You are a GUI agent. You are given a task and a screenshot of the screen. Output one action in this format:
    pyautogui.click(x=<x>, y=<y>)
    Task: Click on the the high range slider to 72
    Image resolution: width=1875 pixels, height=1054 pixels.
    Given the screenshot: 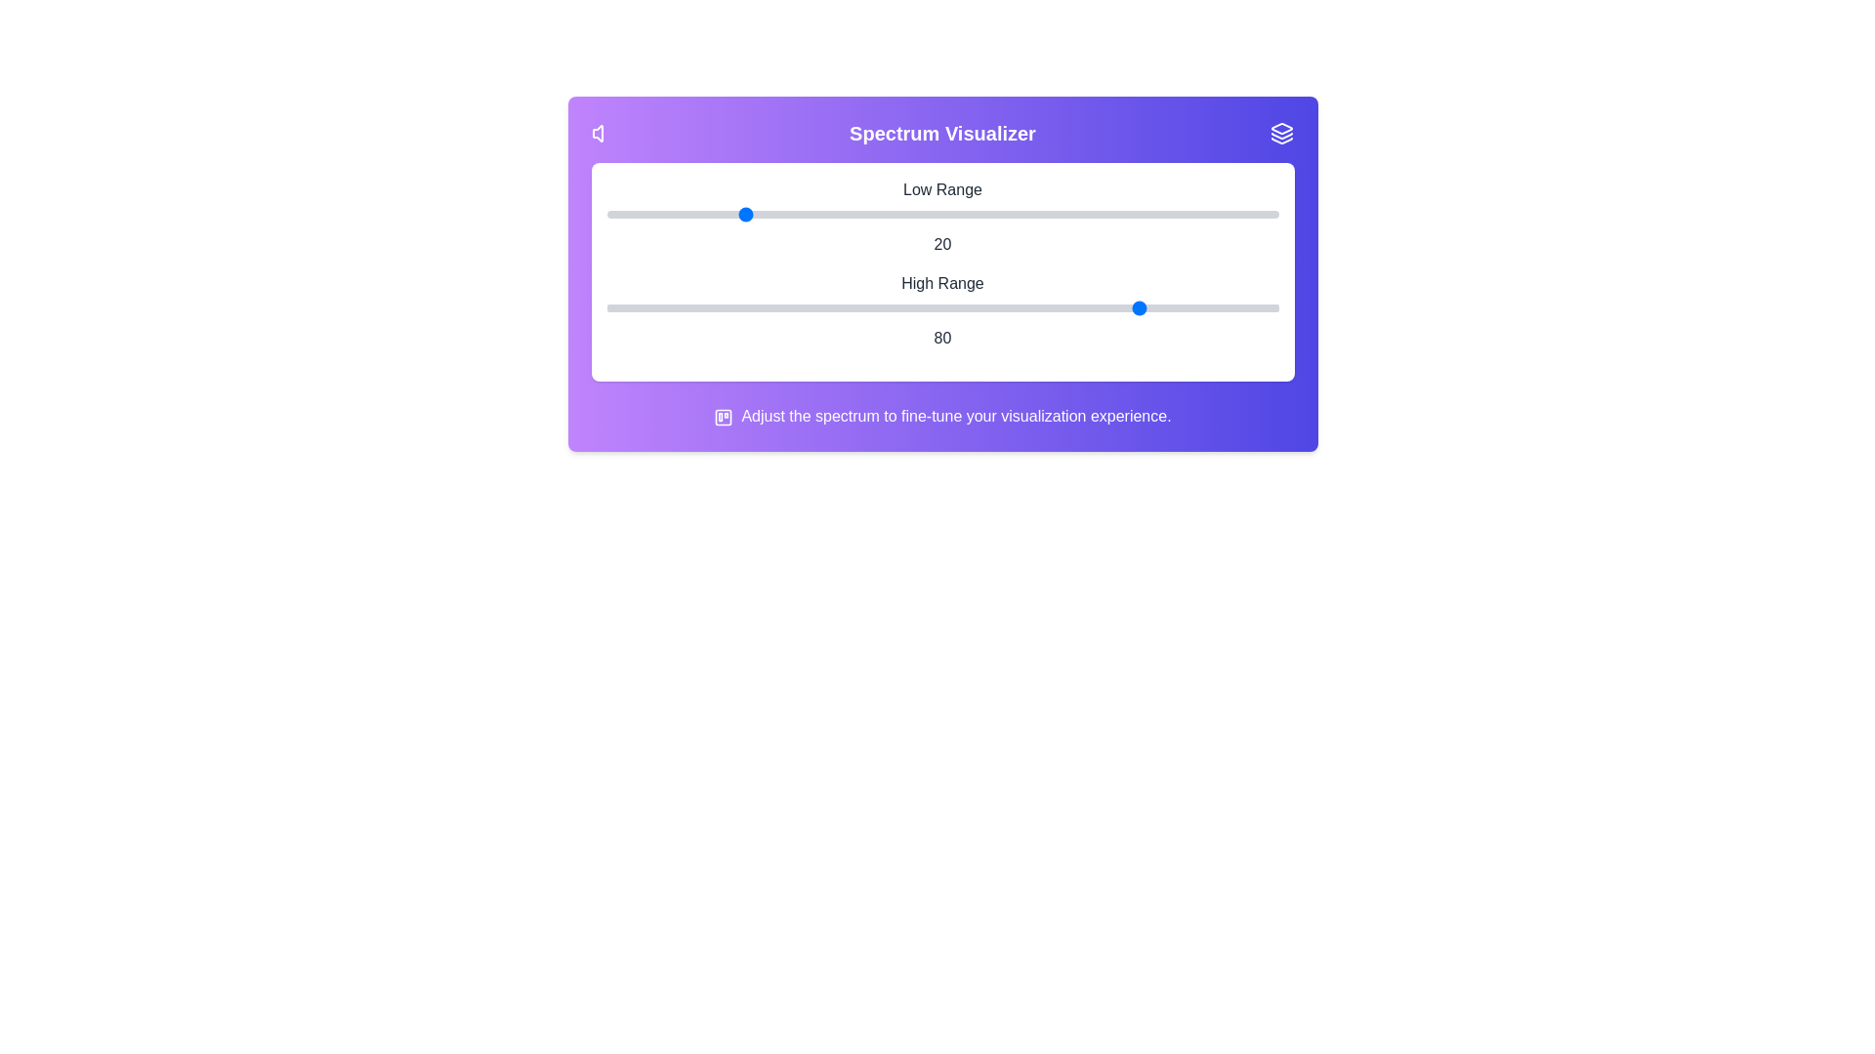 What is the action you would take?
    pyautogui.click(x=1089, y=307)
    